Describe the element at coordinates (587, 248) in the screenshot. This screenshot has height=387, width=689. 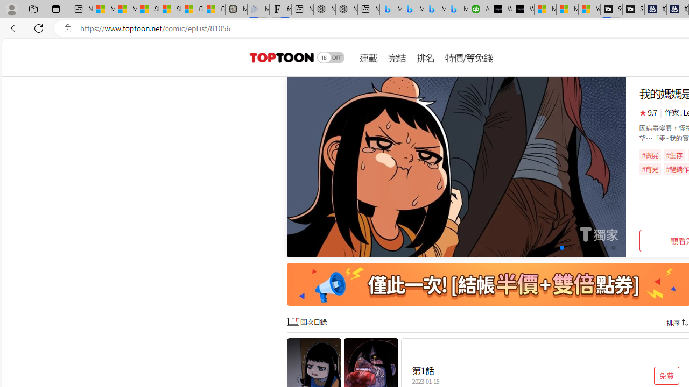
I see `'Go to slide 7'` at that location.